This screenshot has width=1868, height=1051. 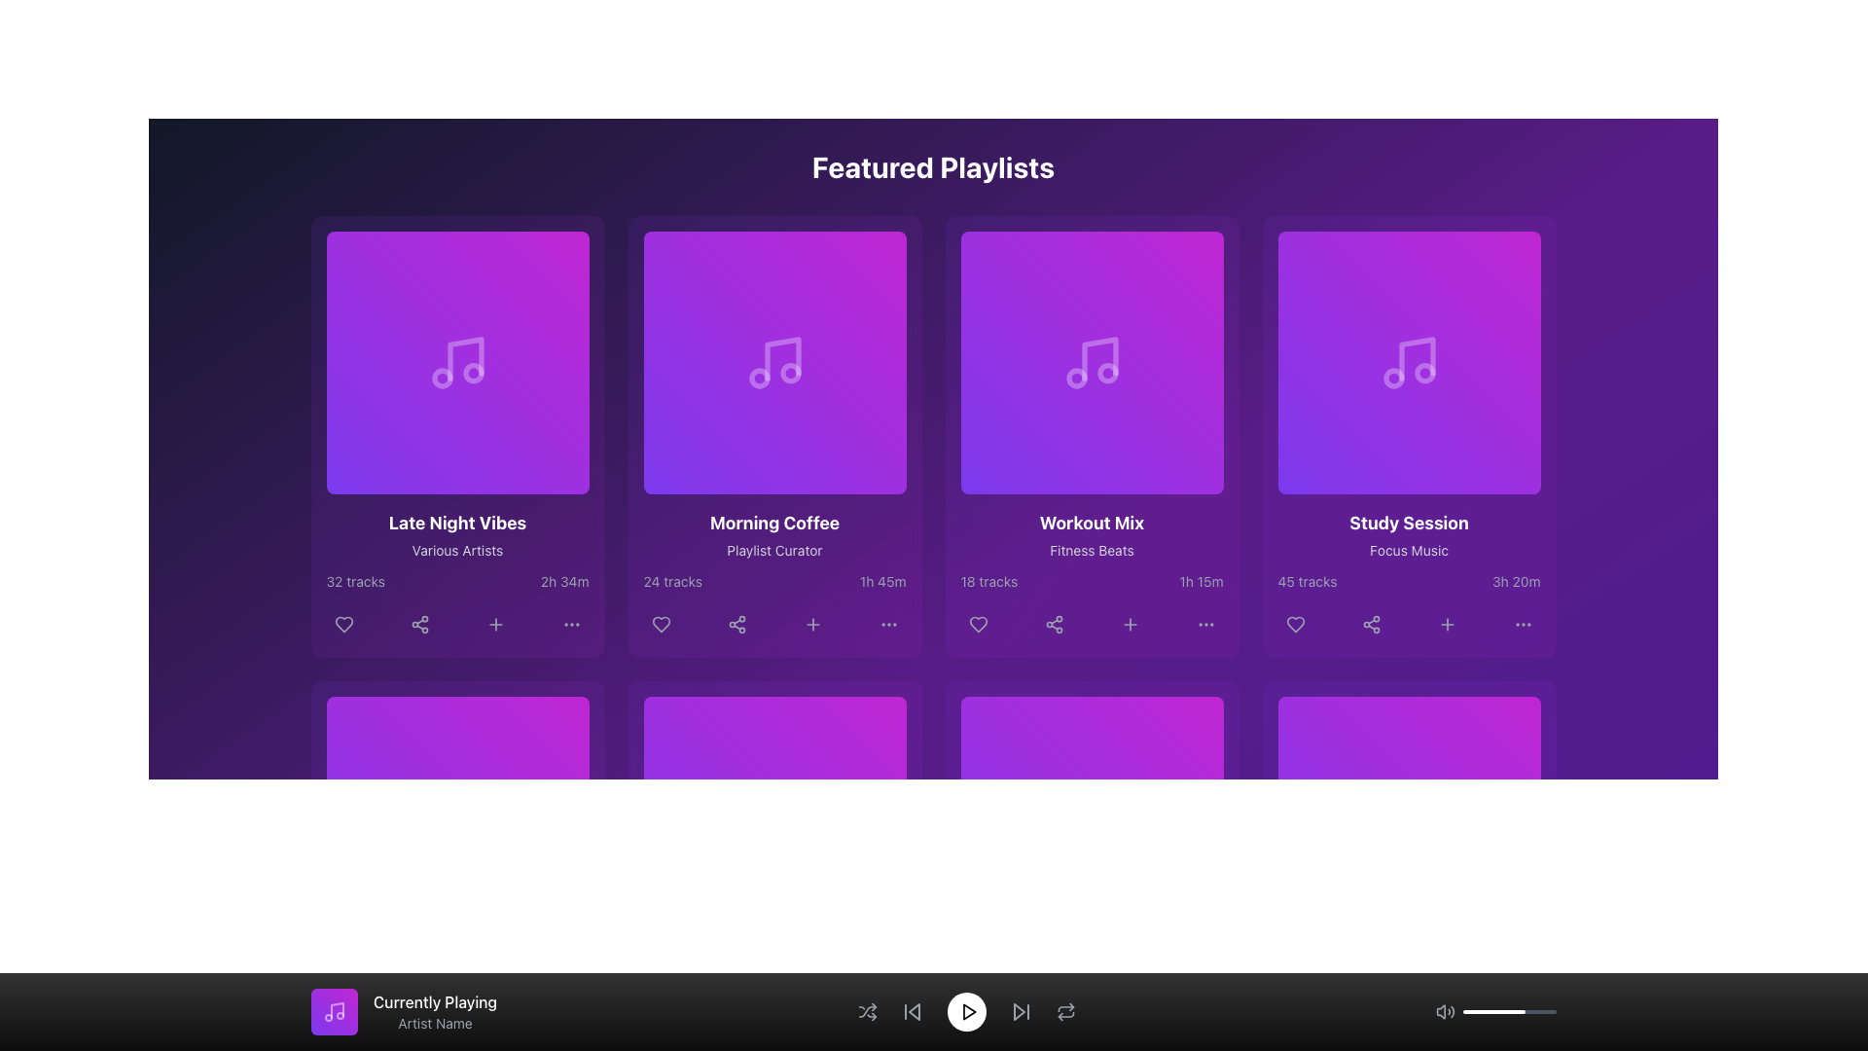 I want to click on the volume level, so click(x=1474, y=1011).